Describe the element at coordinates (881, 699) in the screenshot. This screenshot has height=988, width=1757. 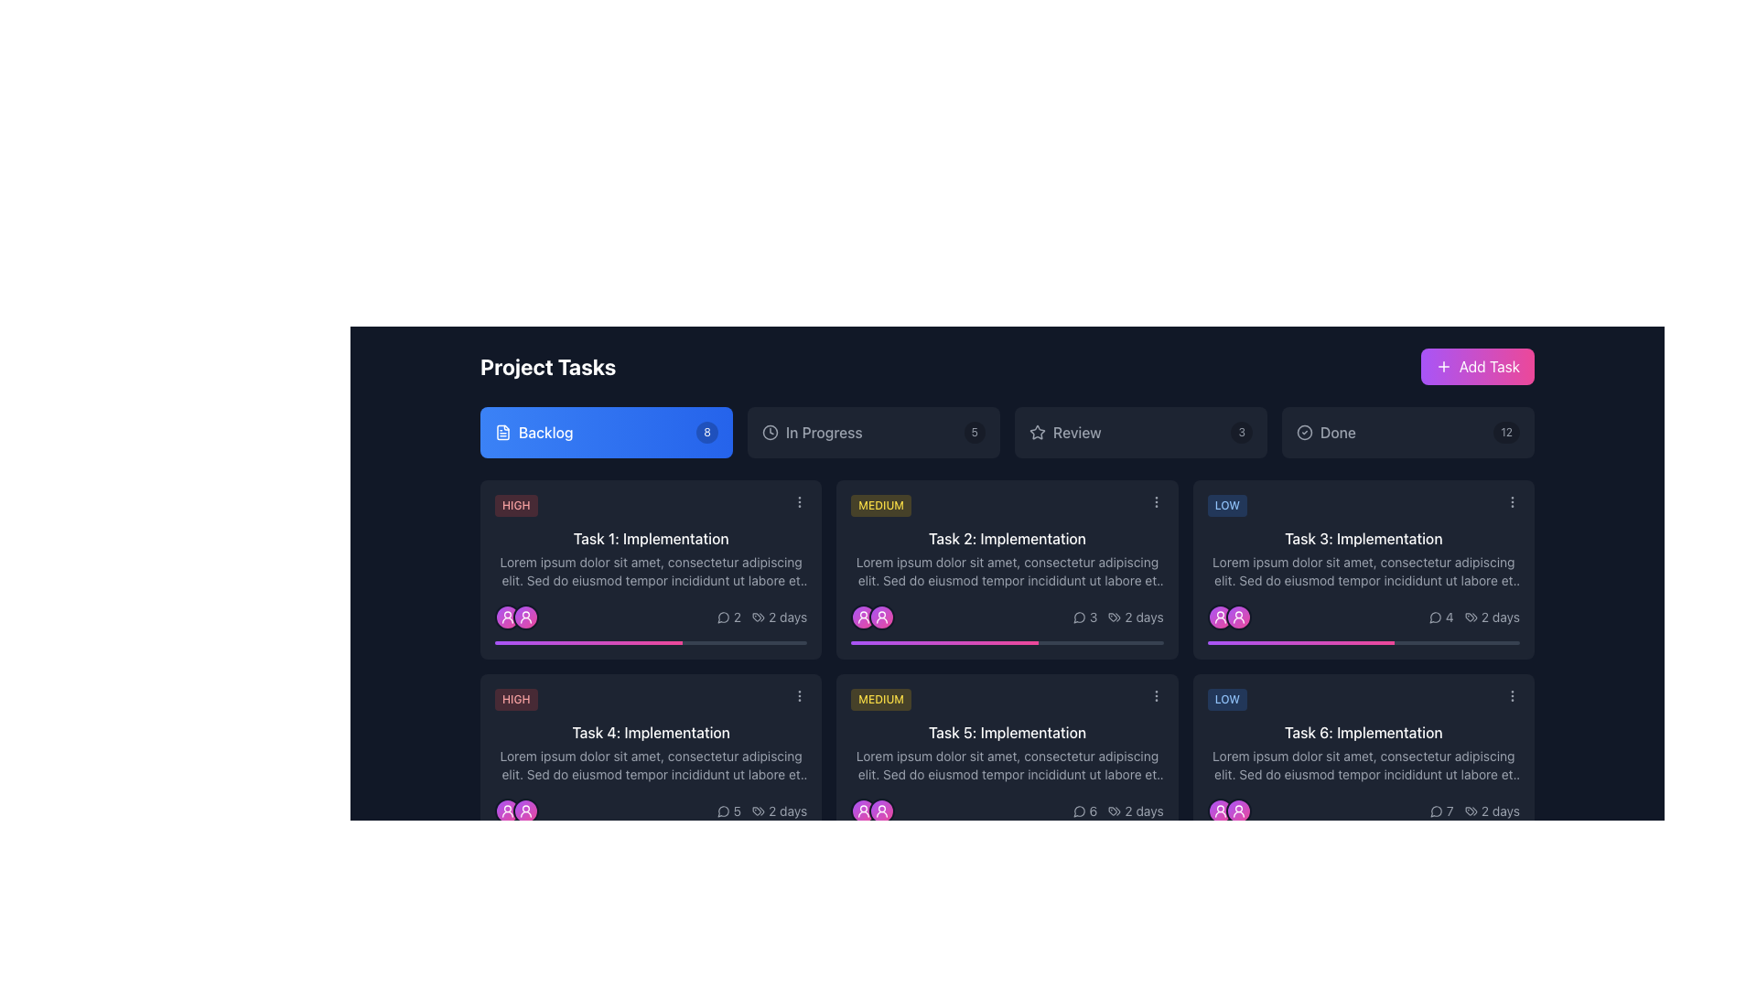
I see `the non-interactive status label with the text 'MEDIUM' in uppercase letters, which is a rectangular badge with a rounded border and a semi-transparent yellow background, located in the second row and second column of the grid layout` at that location.